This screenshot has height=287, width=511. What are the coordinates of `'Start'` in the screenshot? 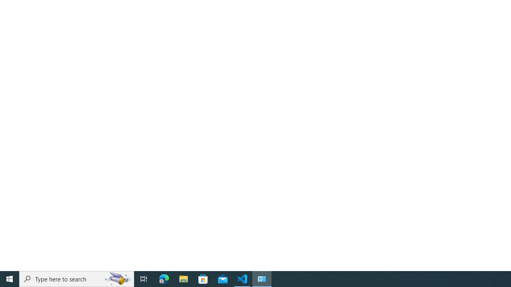 It's located at (10, 278).